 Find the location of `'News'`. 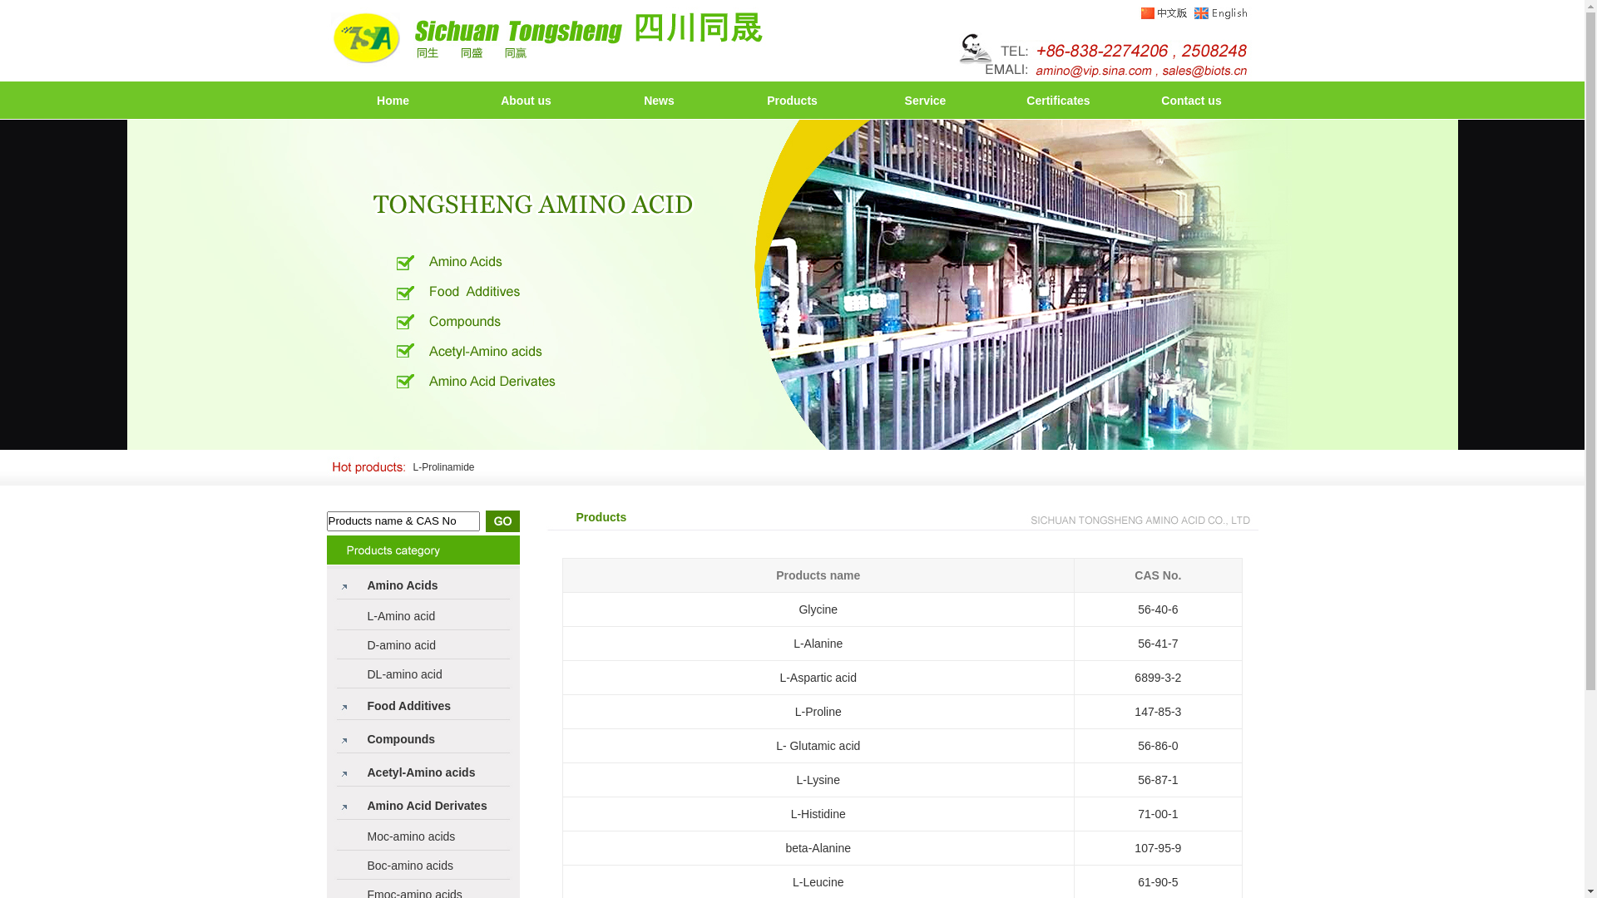

'News' is located at coordinates (642, 100).